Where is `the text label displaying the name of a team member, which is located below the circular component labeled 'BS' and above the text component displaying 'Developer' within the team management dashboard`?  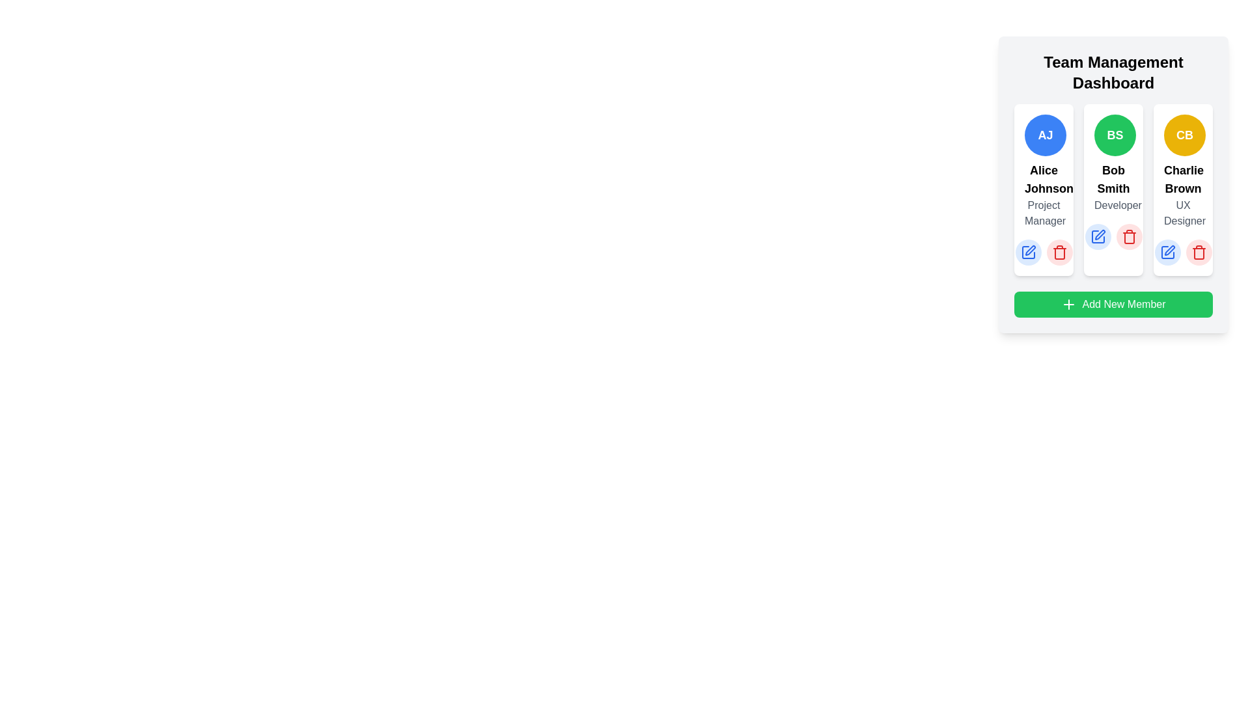
the text label displaying the name of a team member, which is located below the circular component labeled 'BS' and above the text component displaying 'Developer' within the team management dashboard is located at coordinates (1113, 180).